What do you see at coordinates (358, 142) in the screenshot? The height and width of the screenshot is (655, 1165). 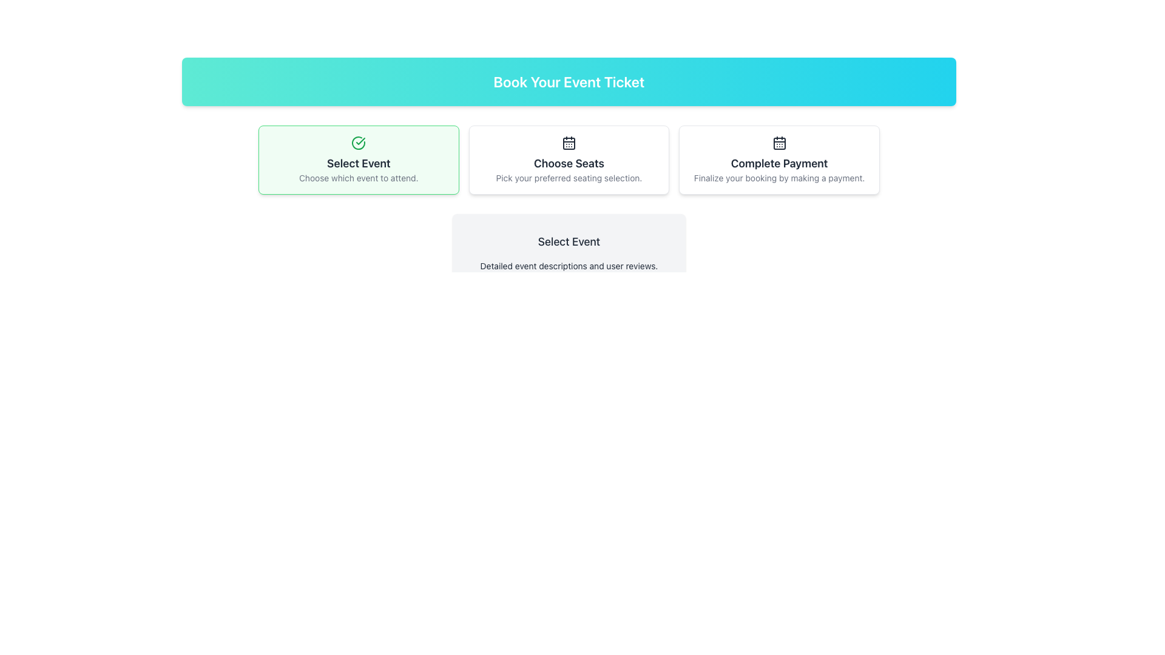 I see `the green circular checkmark icon located in the 'Select Event' panel at the center-top area` at bounding box center [358, 142].